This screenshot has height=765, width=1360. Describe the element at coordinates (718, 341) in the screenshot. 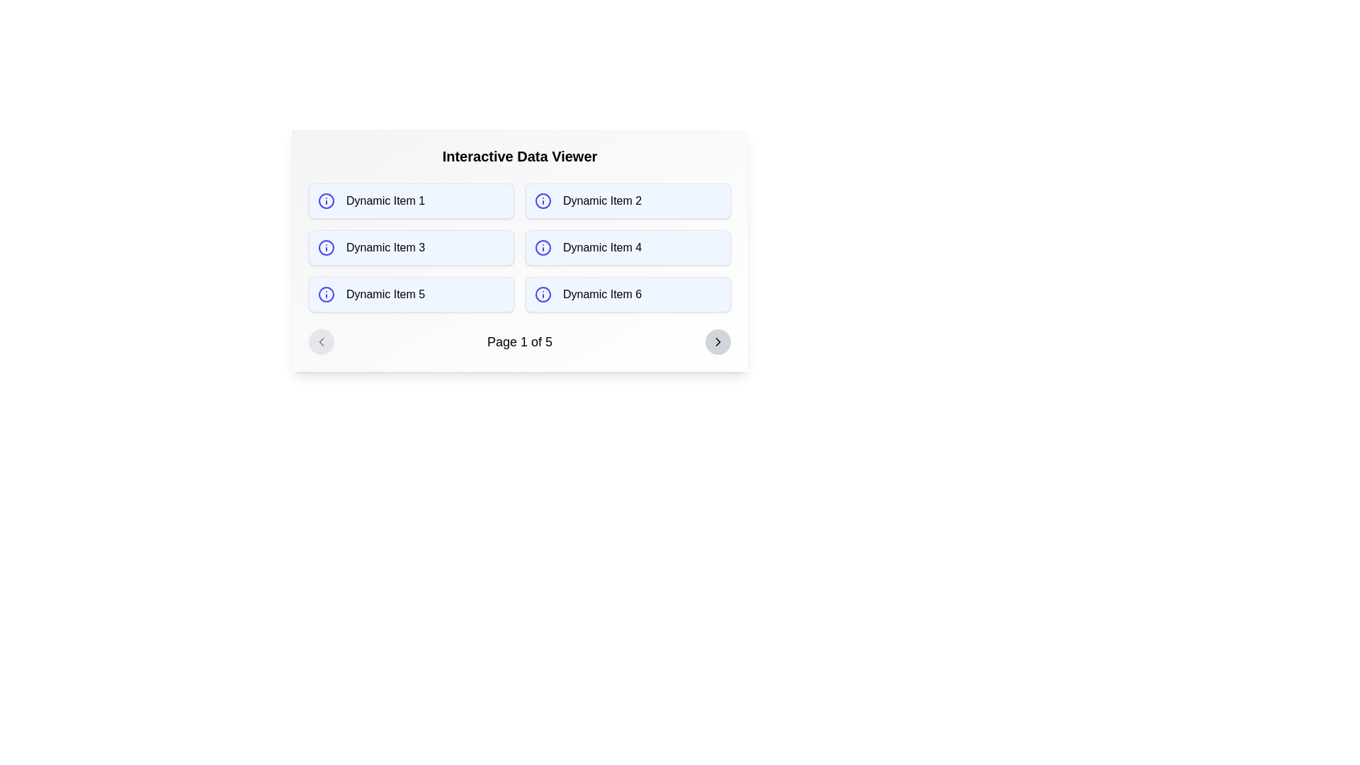

I see `the rightmost circular button with a light gray background and a right-facing chevron icon` at that location.